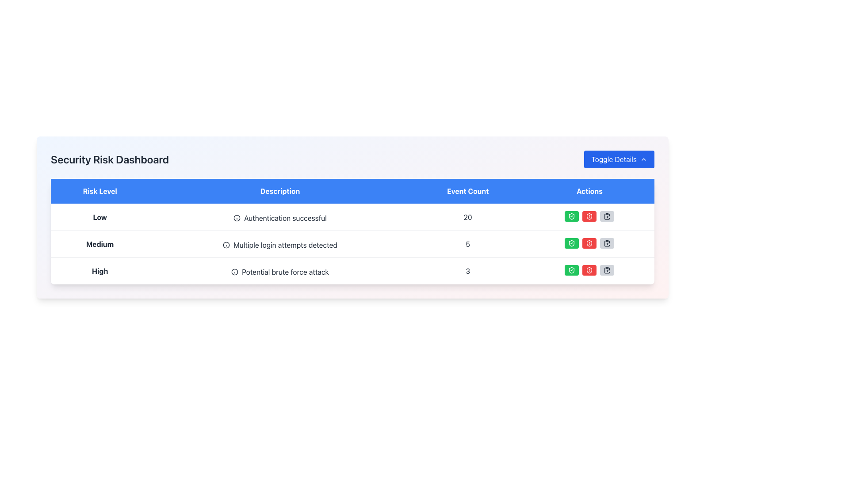  What do you see at coordinates (643, 159) in the screenshot?
I see `the icon indicating the toggled state of the 'Toggle Details' button, which is positioned on the right side of the button` at bounding box center [643, 159].